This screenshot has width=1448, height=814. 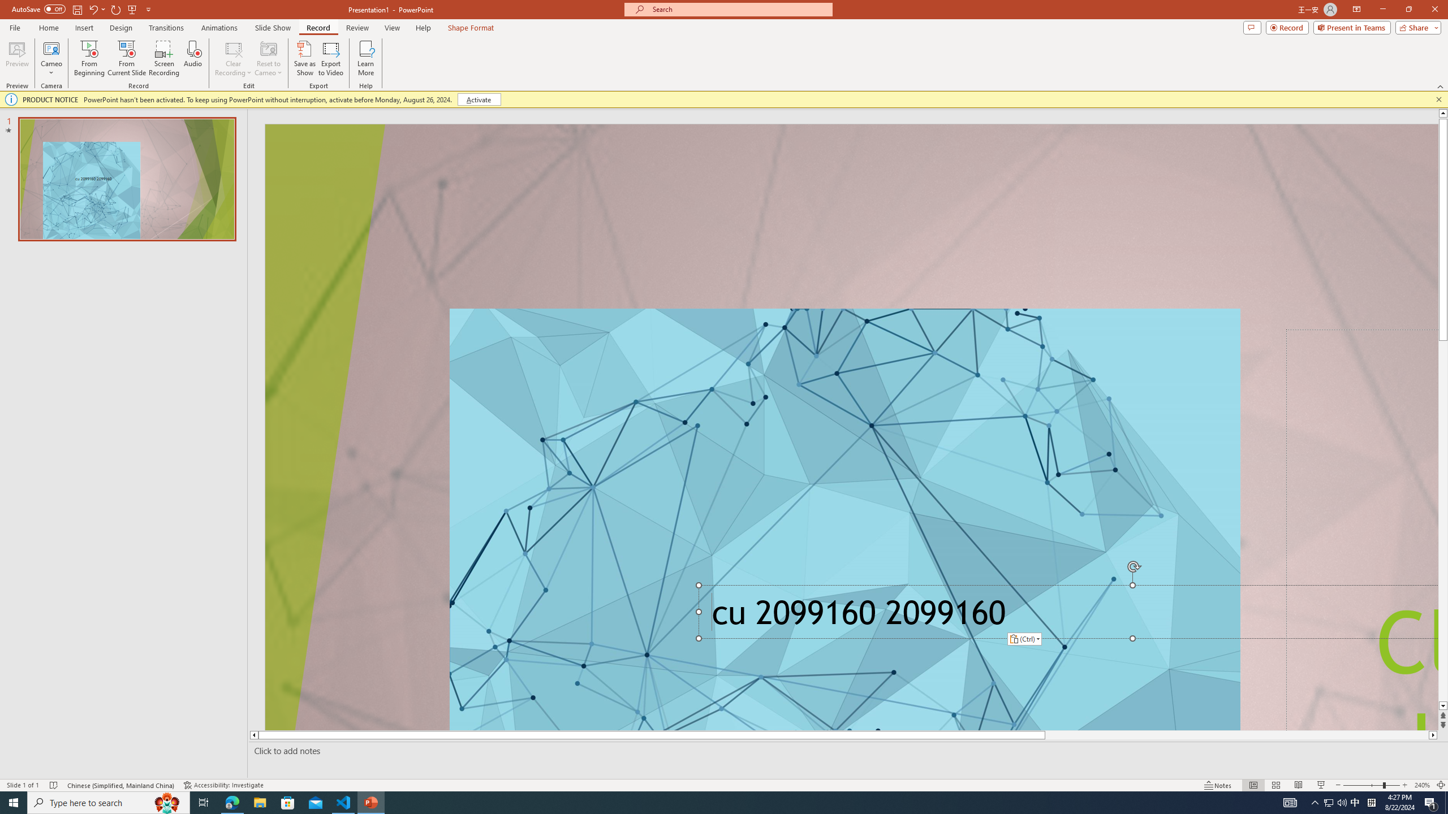 What do you see at coordinates (1438, 99) in the screenshot?
I see `'Close this message'` at bounding box center [1438, 99].